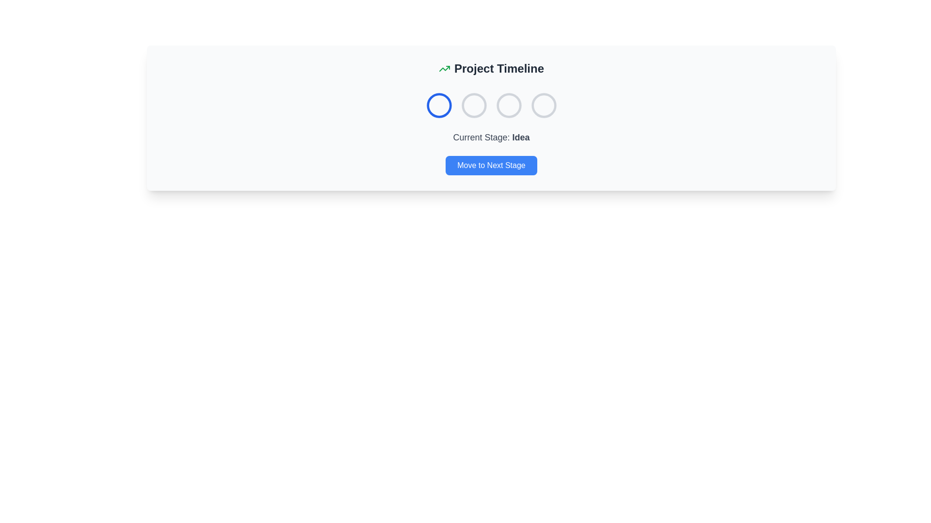 The width and height of the screenshot is (931, 523). Describe the element at coordinates (491, 68) in the screenshot. I see `the Static Text with Icon, which serves as a title for the project's timeline, positioned centrally at the top of the interface` at that location.